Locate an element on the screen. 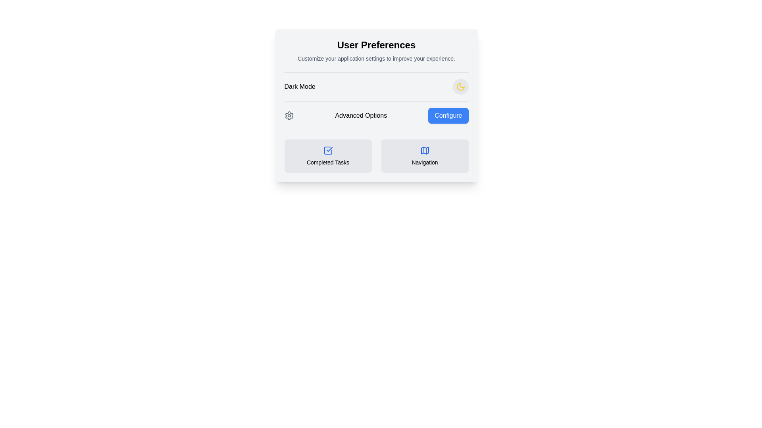 This screenshot has height=428, width=762. the circular button with a gray background and a yellow crescent moon icon located is located at coordinates (460, 87).